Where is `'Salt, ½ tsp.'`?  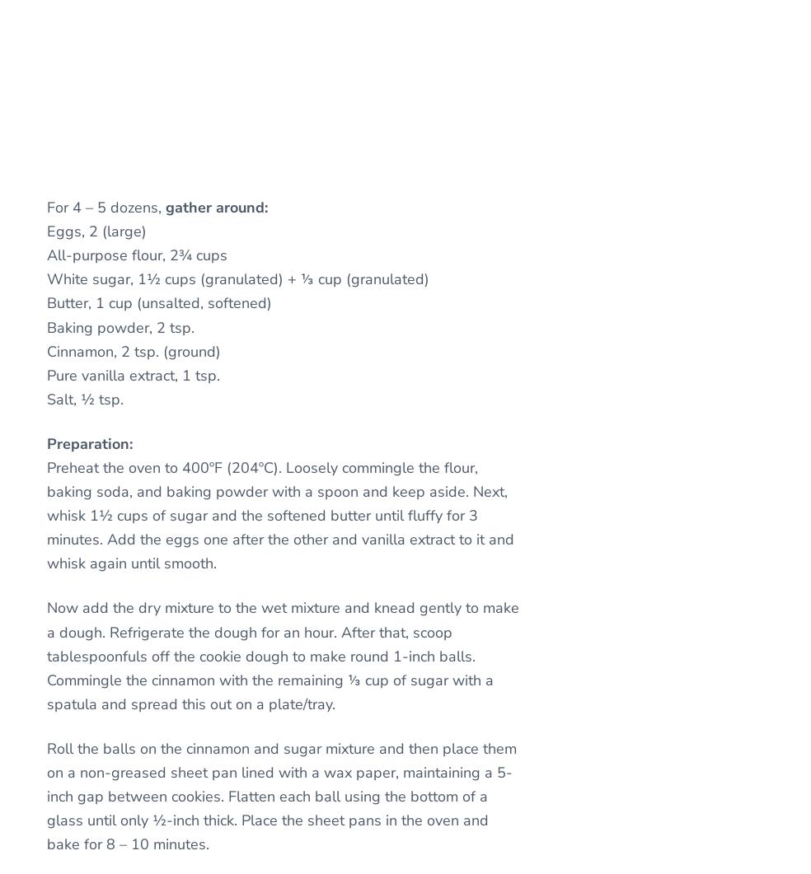
'Salt, ½ tsp.' is located at coordinates (84, 399).